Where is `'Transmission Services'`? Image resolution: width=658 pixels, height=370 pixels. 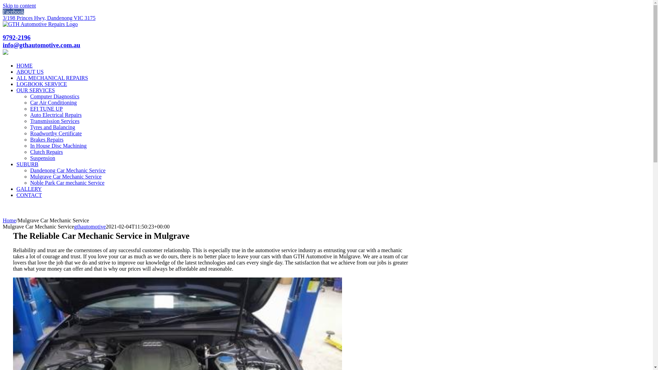
'Transmission Services' is located at coordinates (29, 121).